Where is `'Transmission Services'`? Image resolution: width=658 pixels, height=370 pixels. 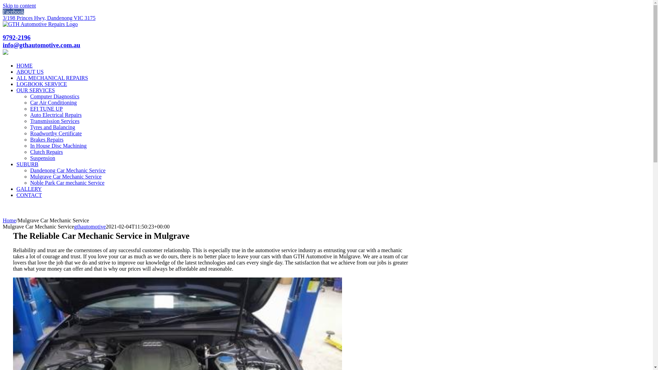
'Transmission Services' is located at coordinates (29, 121).